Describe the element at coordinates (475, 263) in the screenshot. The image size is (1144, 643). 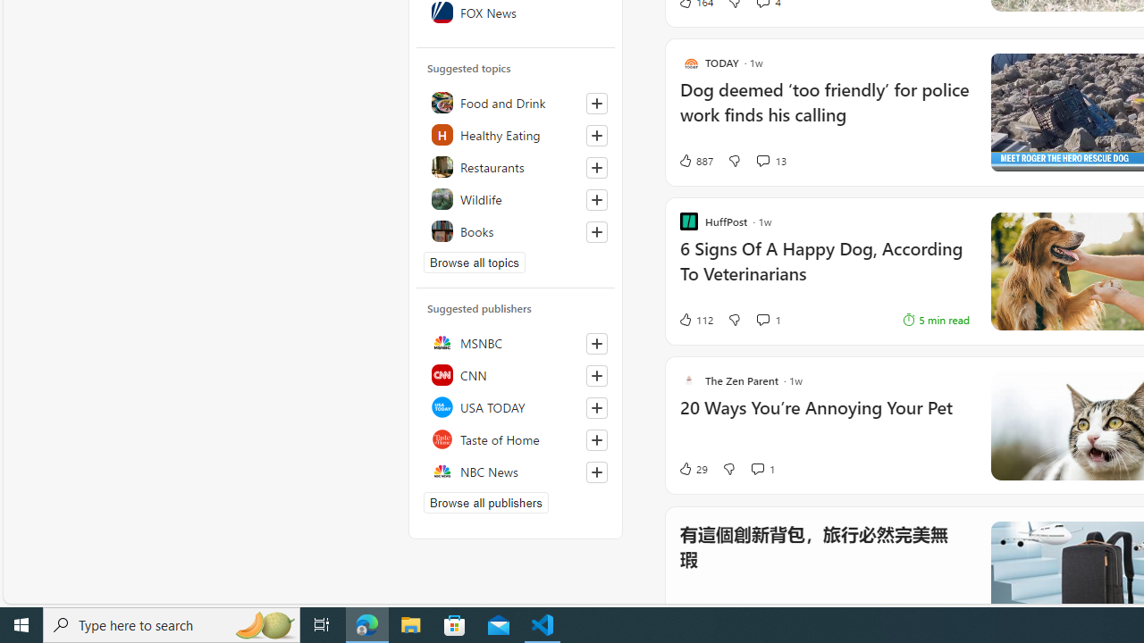
I see `'Browse all topics'` at that location.